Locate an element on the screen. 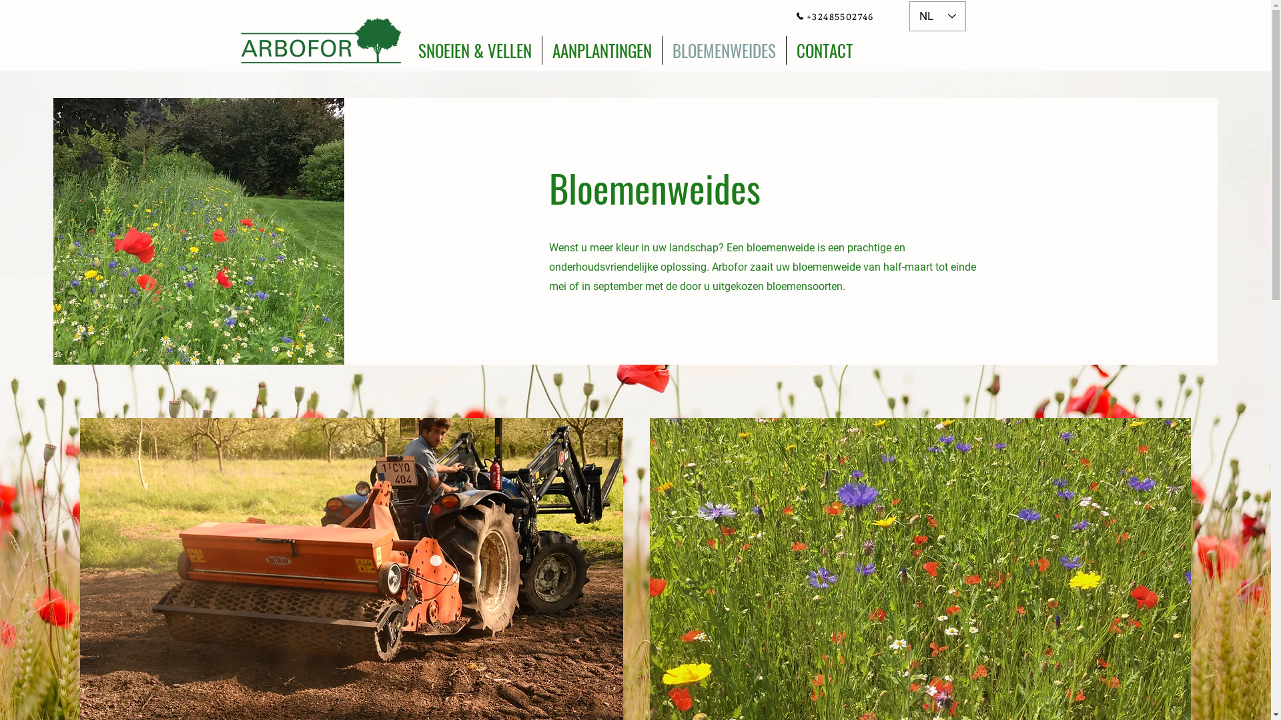  'BLOEMENWEIDES' is located at coordinates (723, 49).